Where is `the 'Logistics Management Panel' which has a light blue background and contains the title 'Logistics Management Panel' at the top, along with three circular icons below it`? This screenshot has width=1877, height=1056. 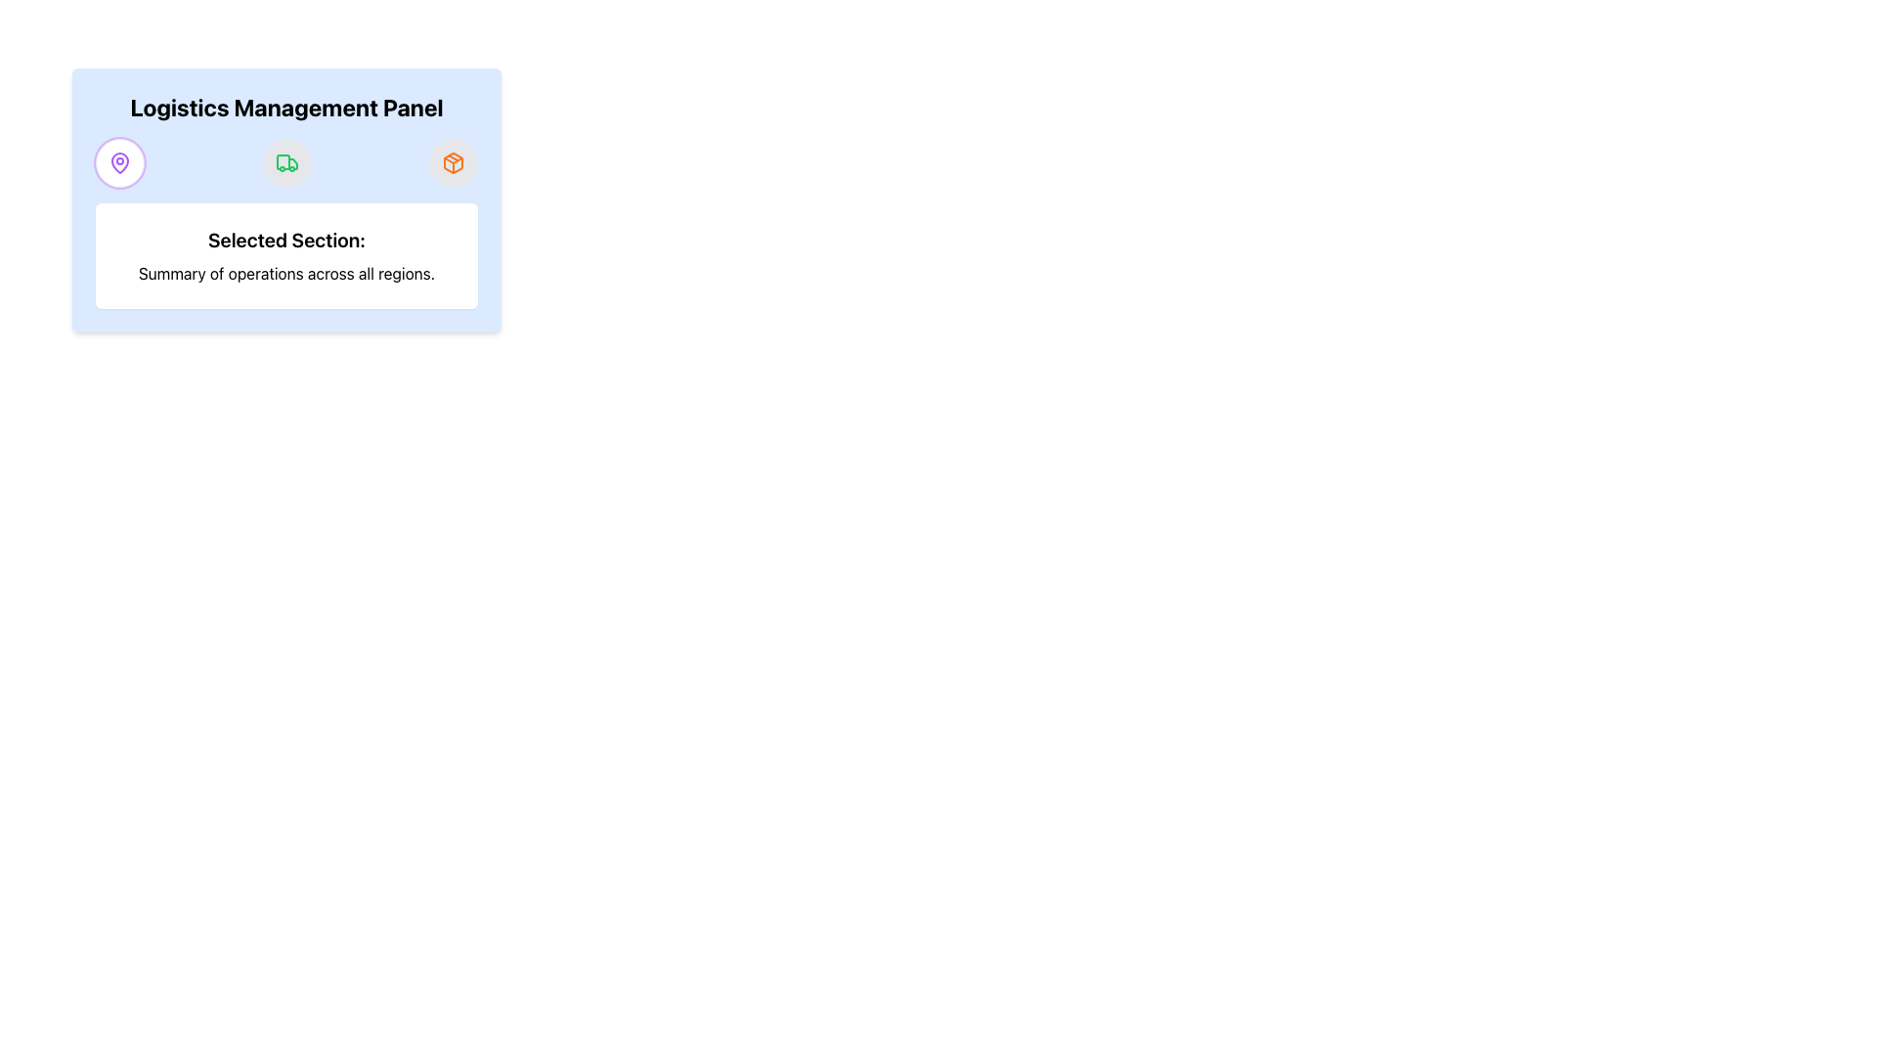
the 'Logistics Management Panel' which has a light blue background and contains the title 'Logistics Management Panel' at the top, along with three circular icons below it is located at coordinates (285, 199).